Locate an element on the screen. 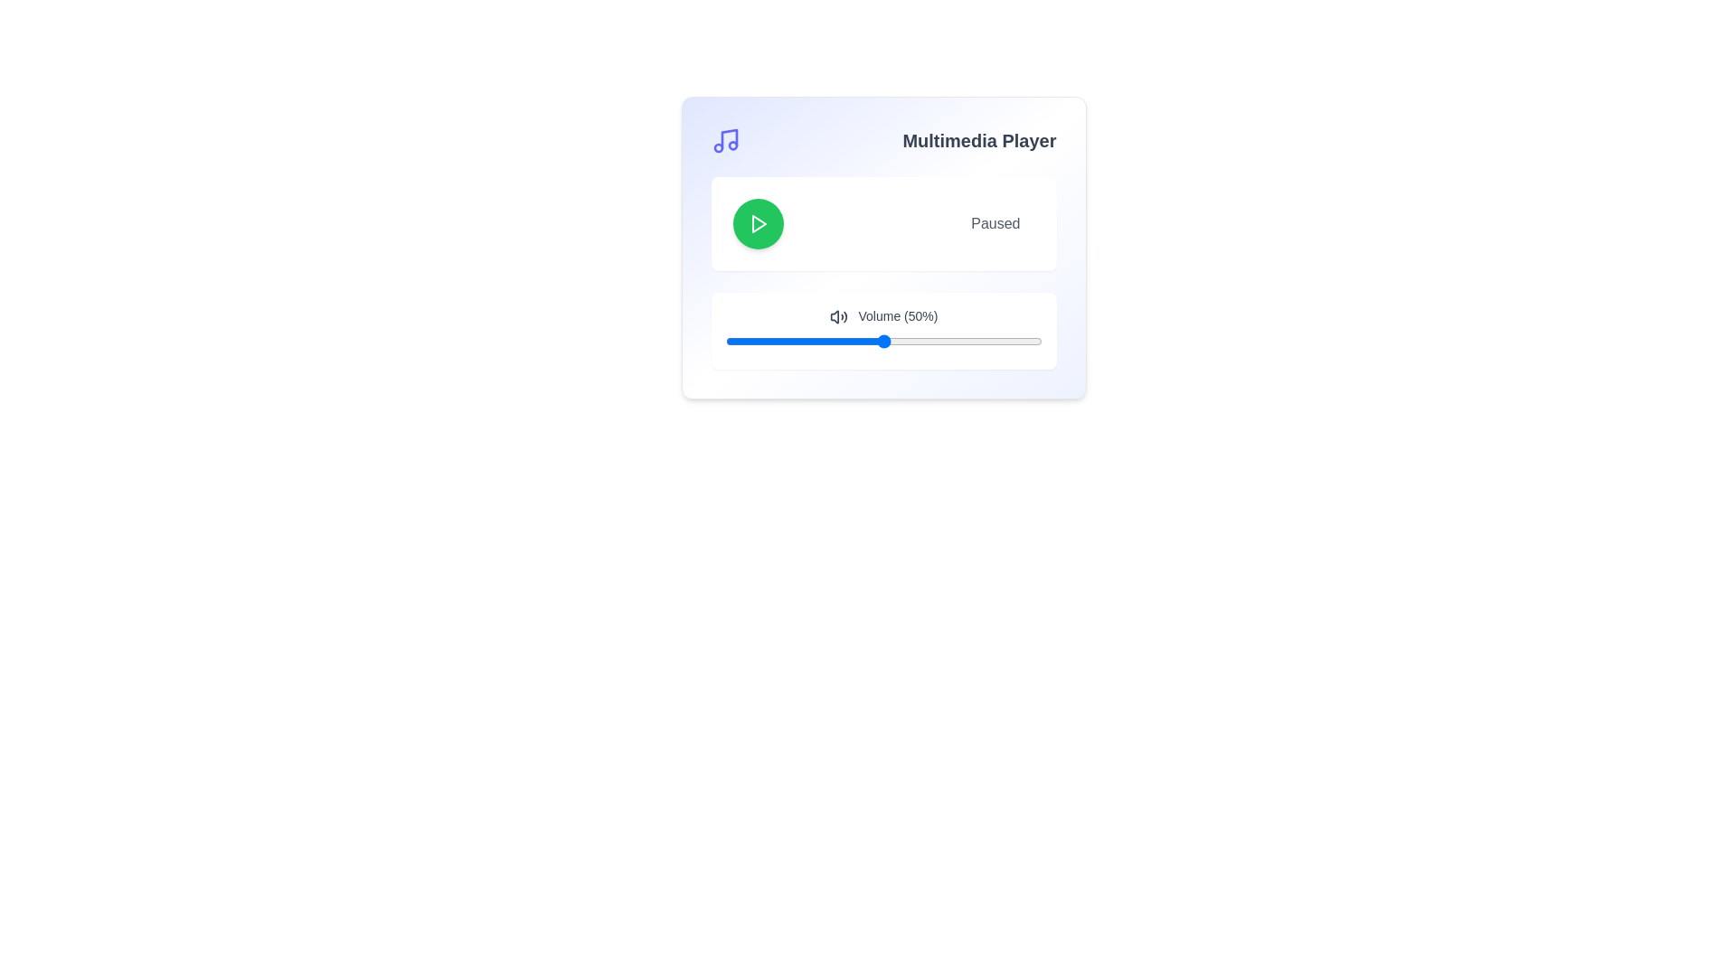  the play icon, which is a triangular arrow centered within a green circular button located in the upper-left section of the multimedia player UI panel is located at coordinates (758, 222).